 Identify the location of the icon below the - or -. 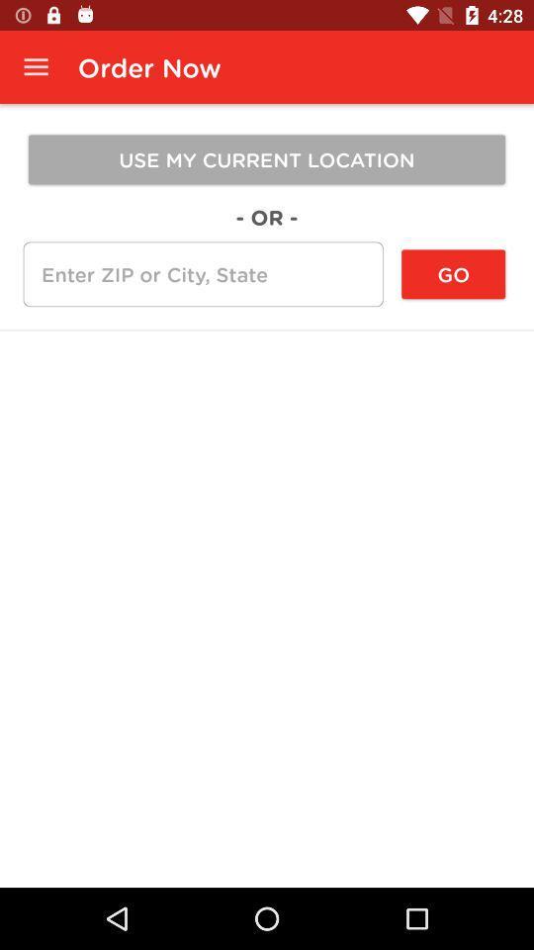
(202, 273).